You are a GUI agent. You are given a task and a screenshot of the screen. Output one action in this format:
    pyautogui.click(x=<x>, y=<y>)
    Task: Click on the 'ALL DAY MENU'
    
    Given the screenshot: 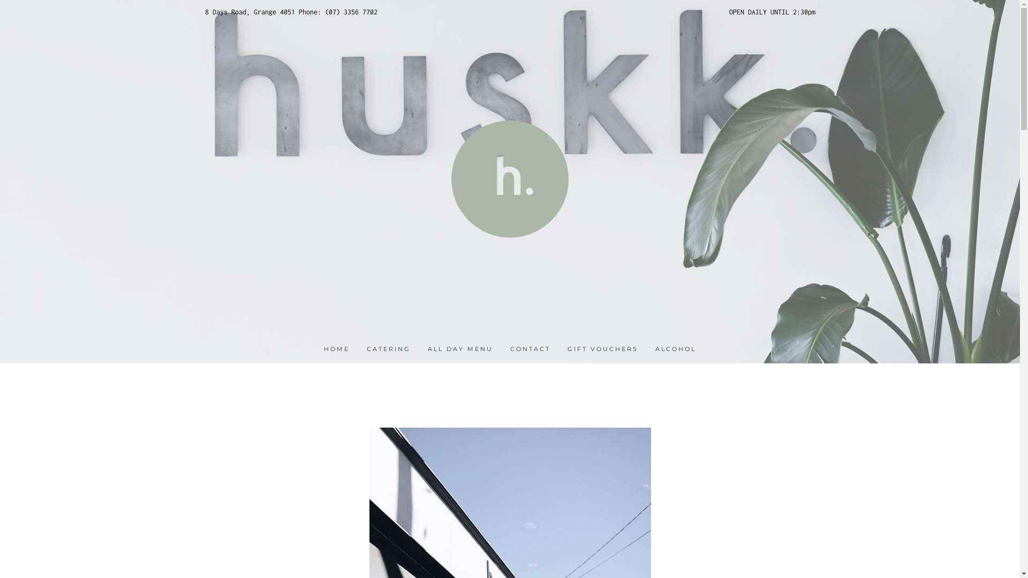 What is the action you would take?
    pyautogui.click(x=460, y=349)
    